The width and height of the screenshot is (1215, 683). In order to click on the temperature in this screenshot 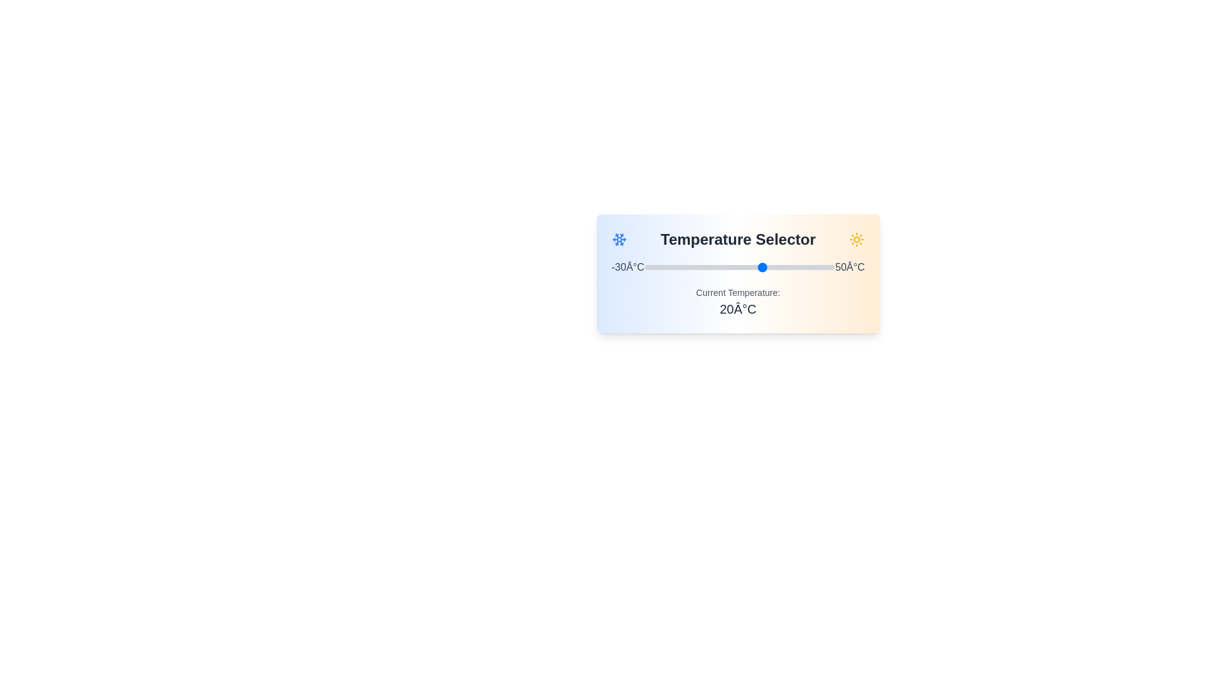, I will do `click(765, 267)`.